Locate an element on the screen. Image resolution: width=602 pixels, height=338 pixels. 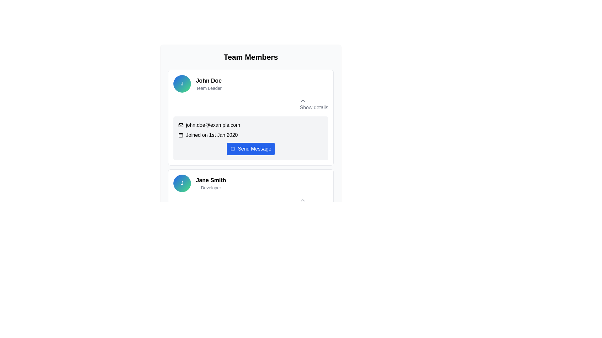
the 'Show details' button, which is styled in gray and changes to blue on hover, located in the top-right area of John Doe's information card is located at coordinates (314, 104).